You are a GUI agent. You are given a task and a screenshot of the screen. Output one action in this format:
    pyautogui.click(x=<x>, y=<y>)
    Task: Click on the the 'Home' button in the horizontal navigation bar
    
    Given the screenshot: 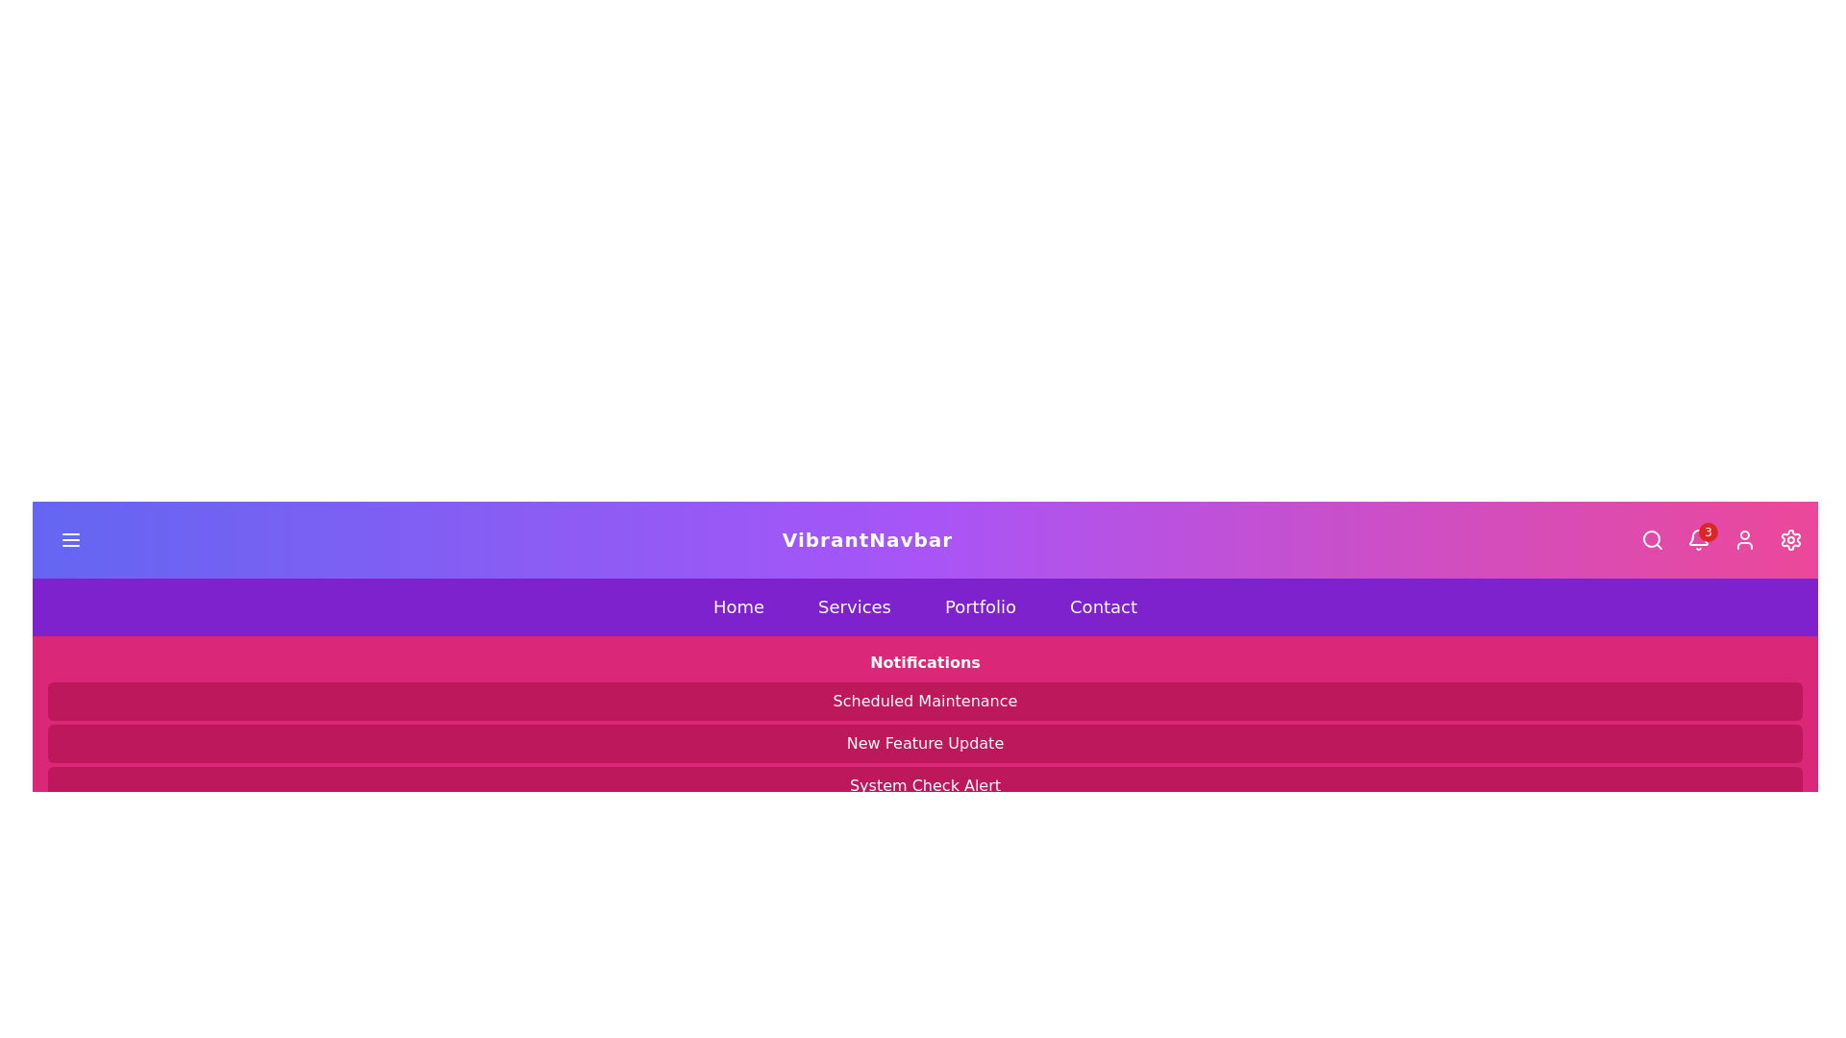 What is the action you would take?
    pyautogui.click(x=737, y=607)
    